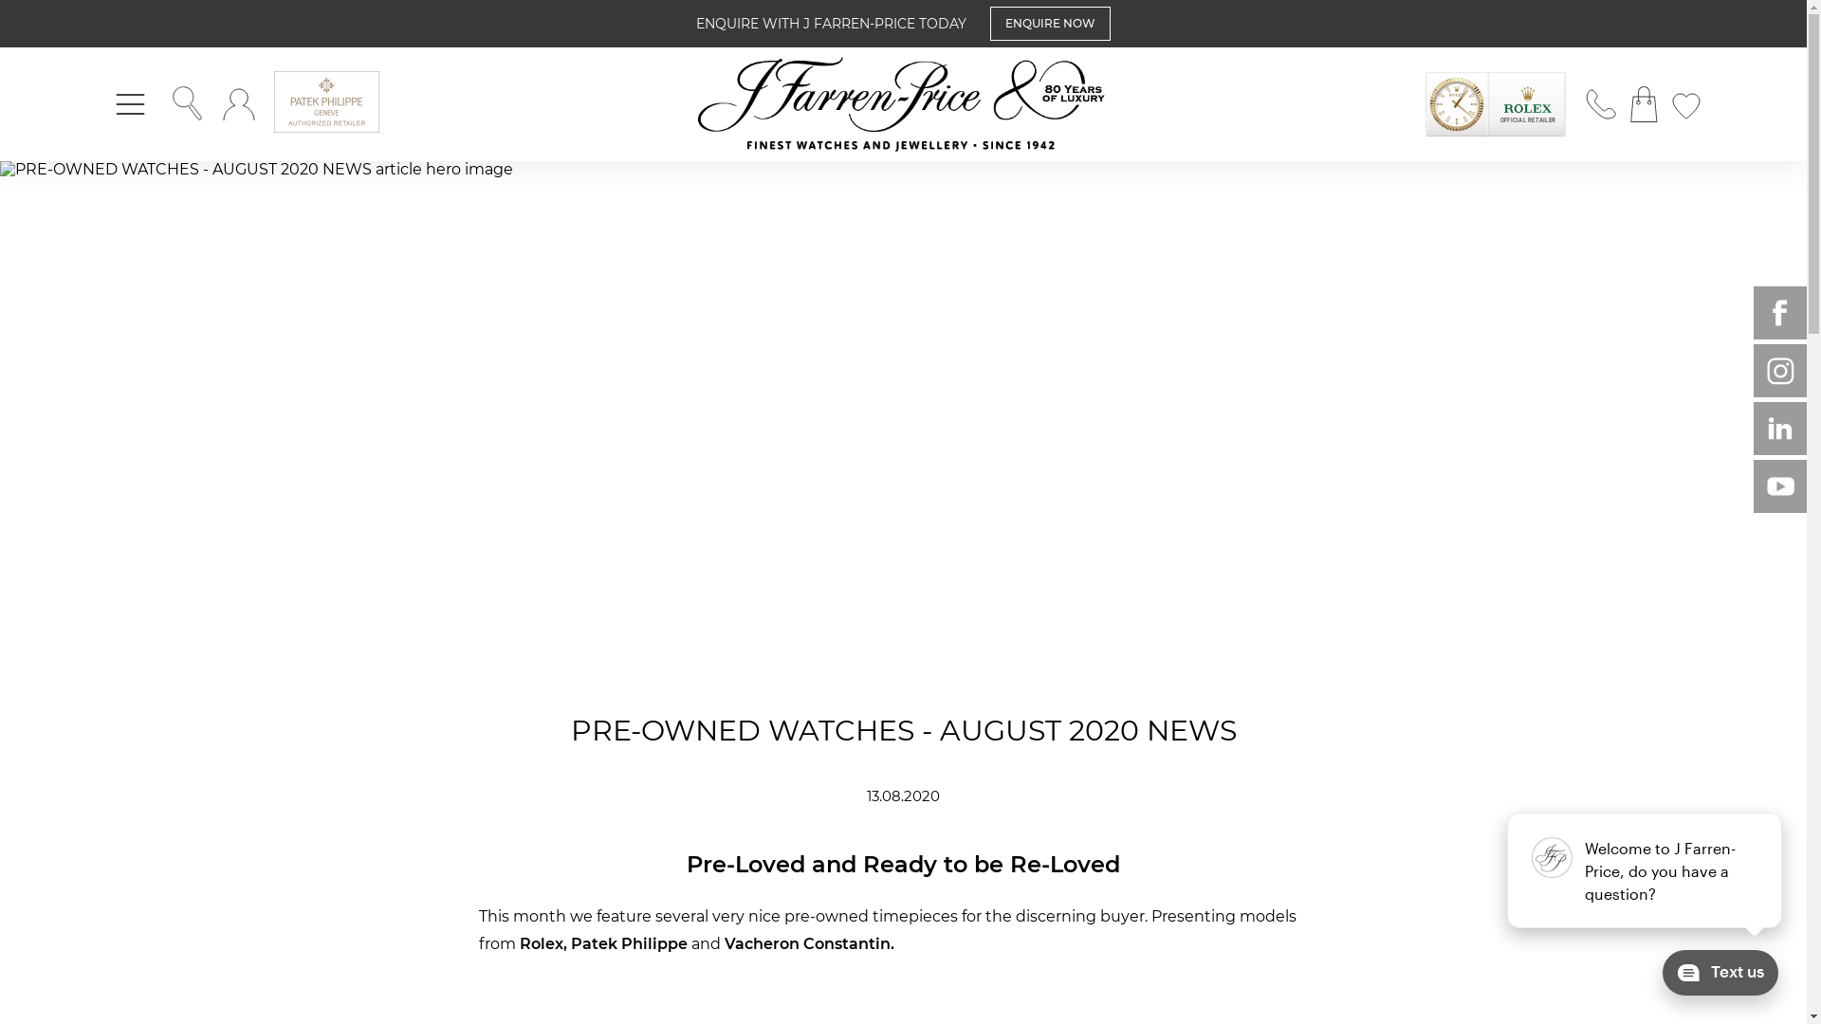 The image size is (1821, 1024). Describe the element at coordinates (1049, 24) in the screenshot. I see `'ENQUIRE NOW'` at that location.